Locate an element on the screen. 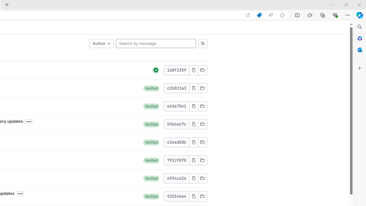 Image resolution: width=366 pixels, height=206 pixels. 'Shopping in Microsoft Edge' is located at coordinates (259, 15).